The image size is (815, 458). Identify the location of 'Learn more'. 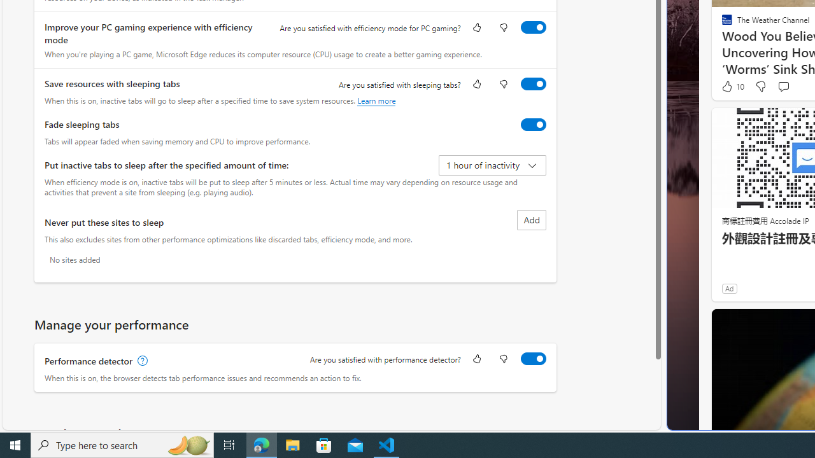
(376, 100).